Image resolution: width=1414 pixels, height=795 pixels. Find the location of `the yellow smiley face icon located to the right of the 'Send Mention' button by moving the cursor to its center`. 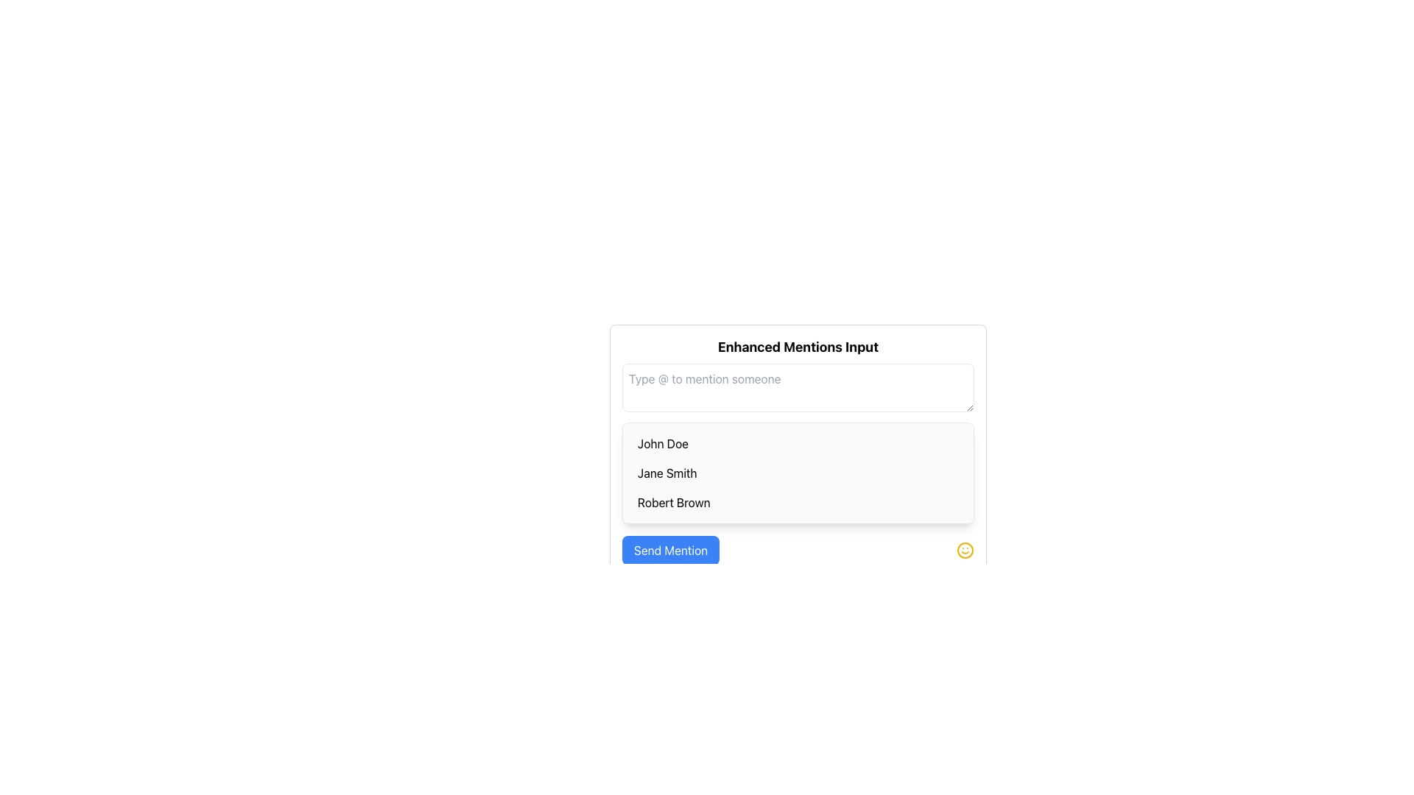

the yellow smiley face icon located to the right of the 'Send Mention' button by moving the cursor to its center is located at coordinates (965, 551).